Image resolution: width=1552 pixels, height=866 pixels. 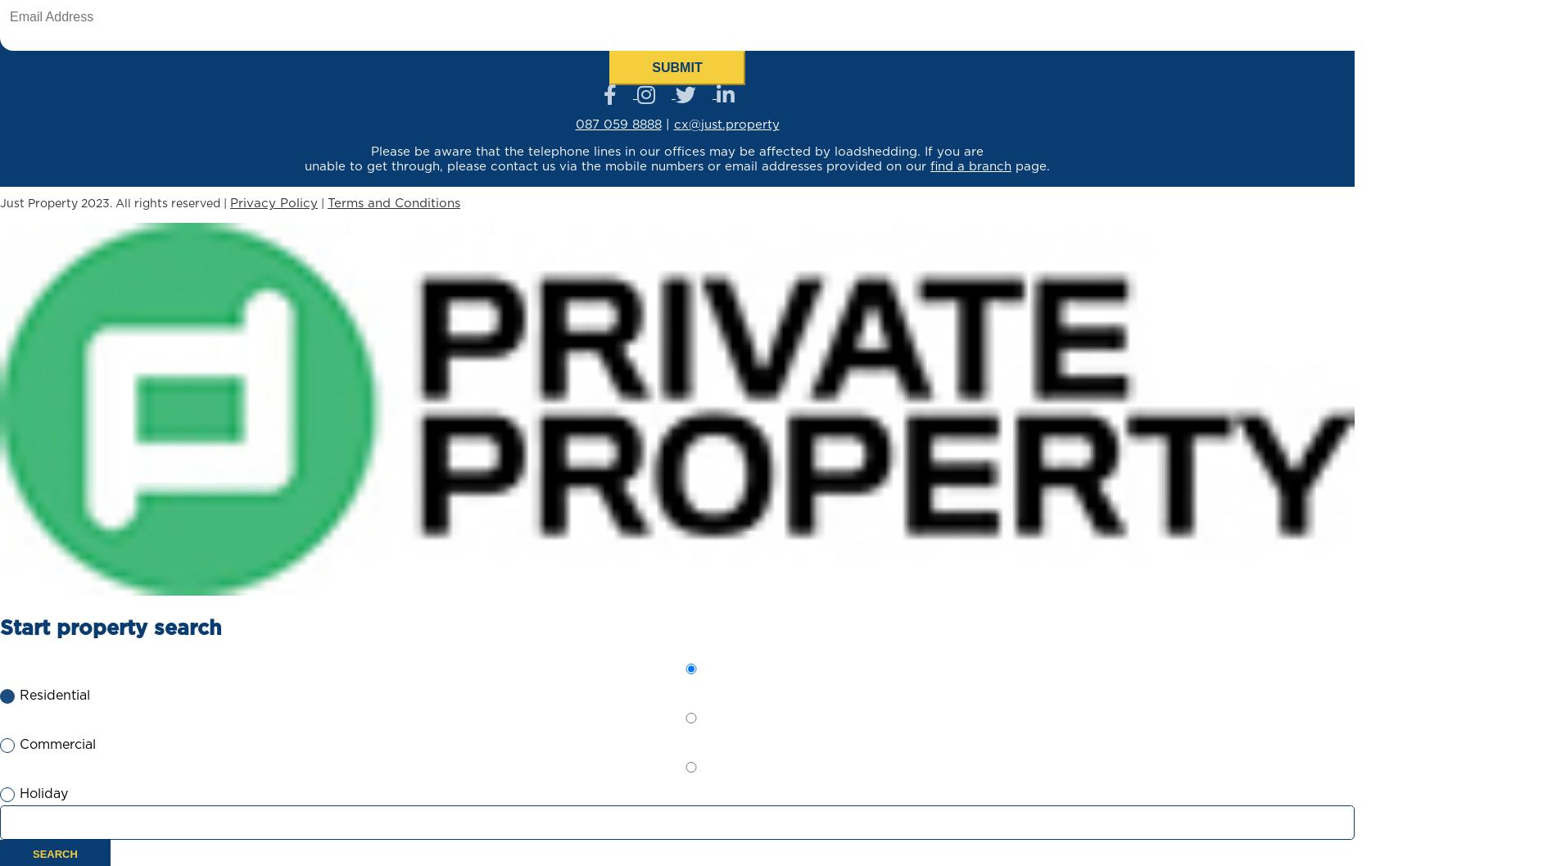 I want to click on '087 059 8888', so click(x=617, y=125).